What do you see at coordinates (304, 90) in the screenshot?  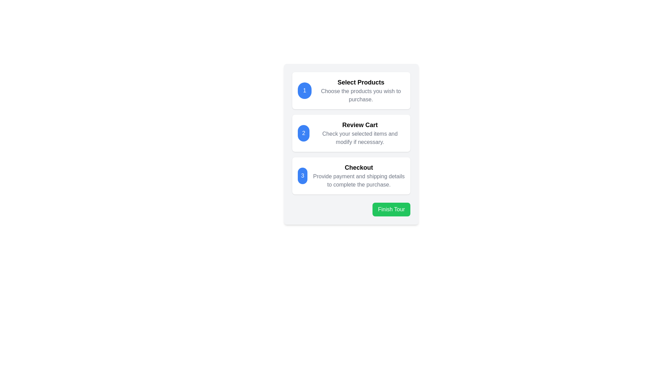 I see `the prominent circular blue button labeled '1'` at bounding box center [304, 90].